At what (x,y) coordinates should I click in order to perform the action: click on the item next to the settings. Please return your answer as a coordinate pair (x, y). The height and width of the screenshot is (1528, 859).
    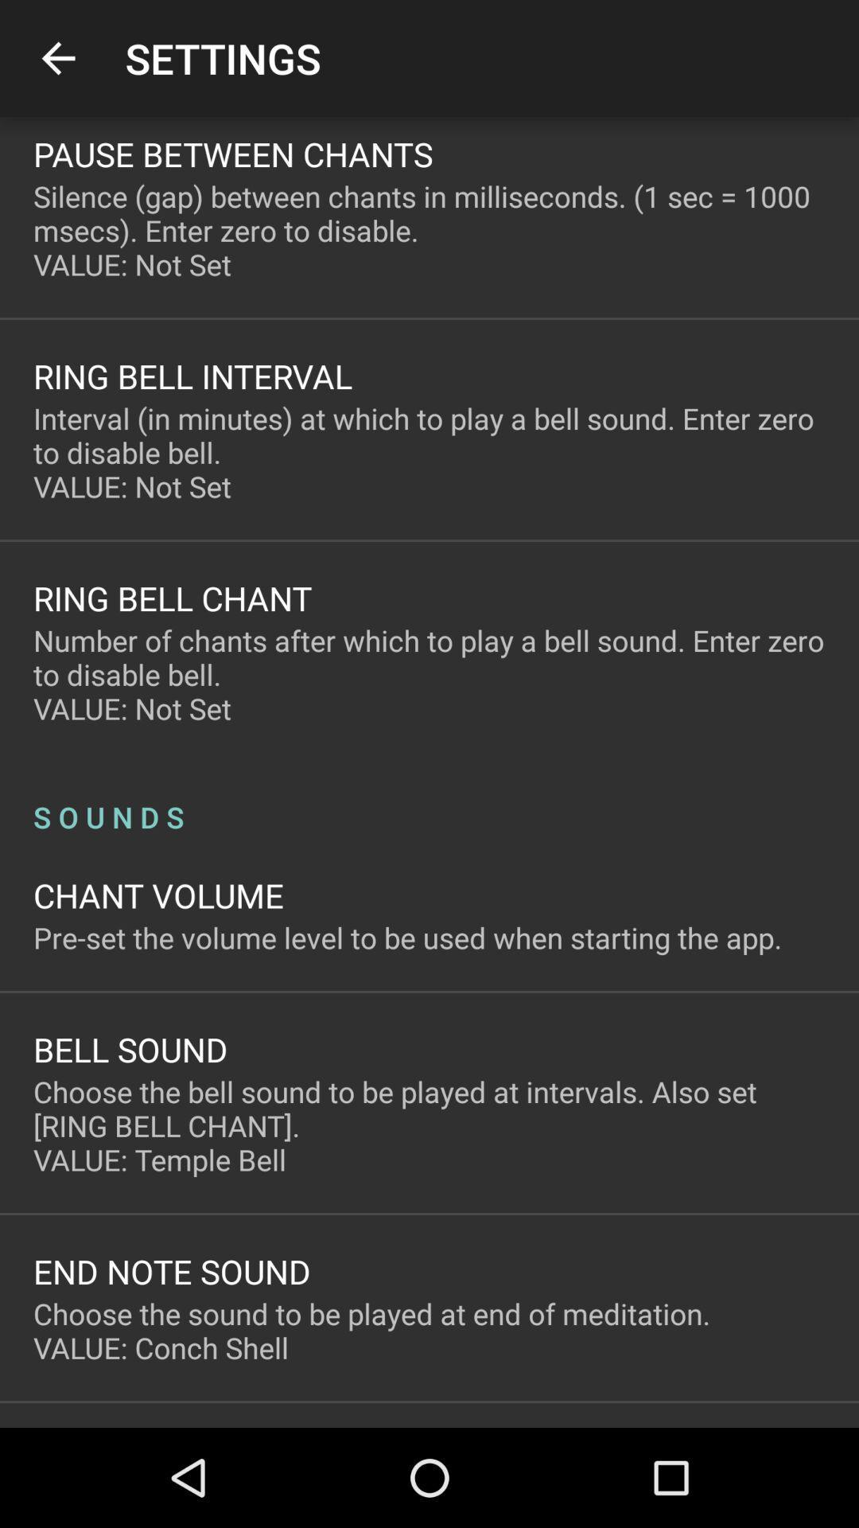
    Looking at the image, I should click on (57, 58).